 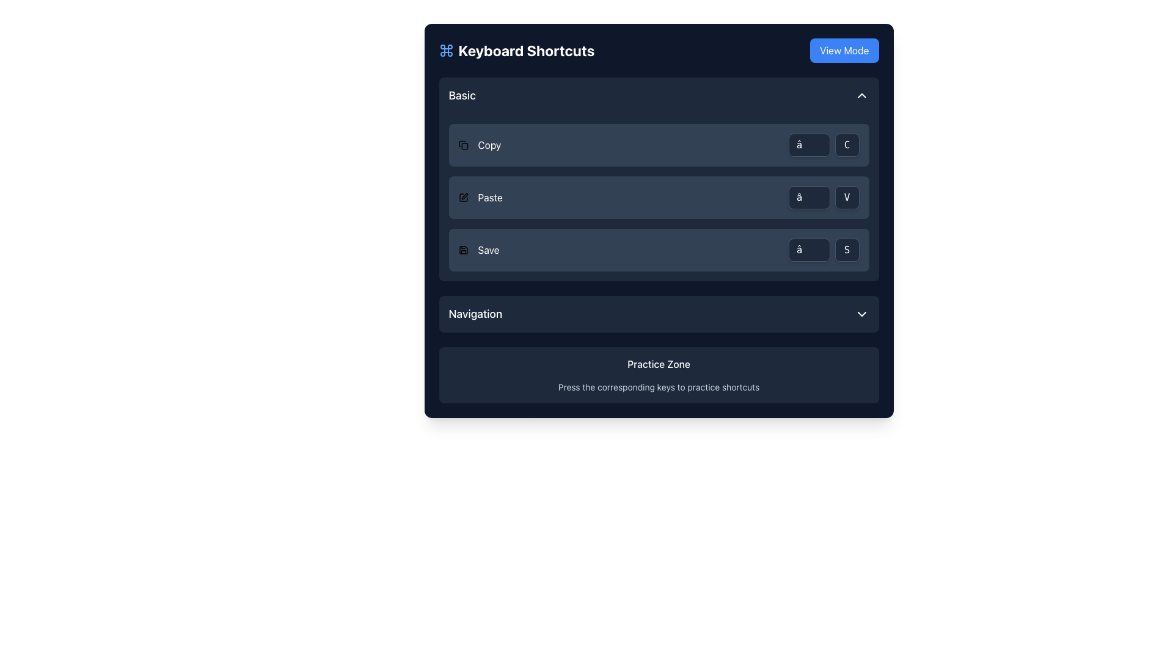 What do you see at coordinates (489, 249) in the screenshot?
I see `the text label that indicates the save action in the 'Keyboard Shortcuts' interface, located to the right of the save icon and aligned with other action entries like 'Copy' and 'Paste'` at bounding box center [489, 249].